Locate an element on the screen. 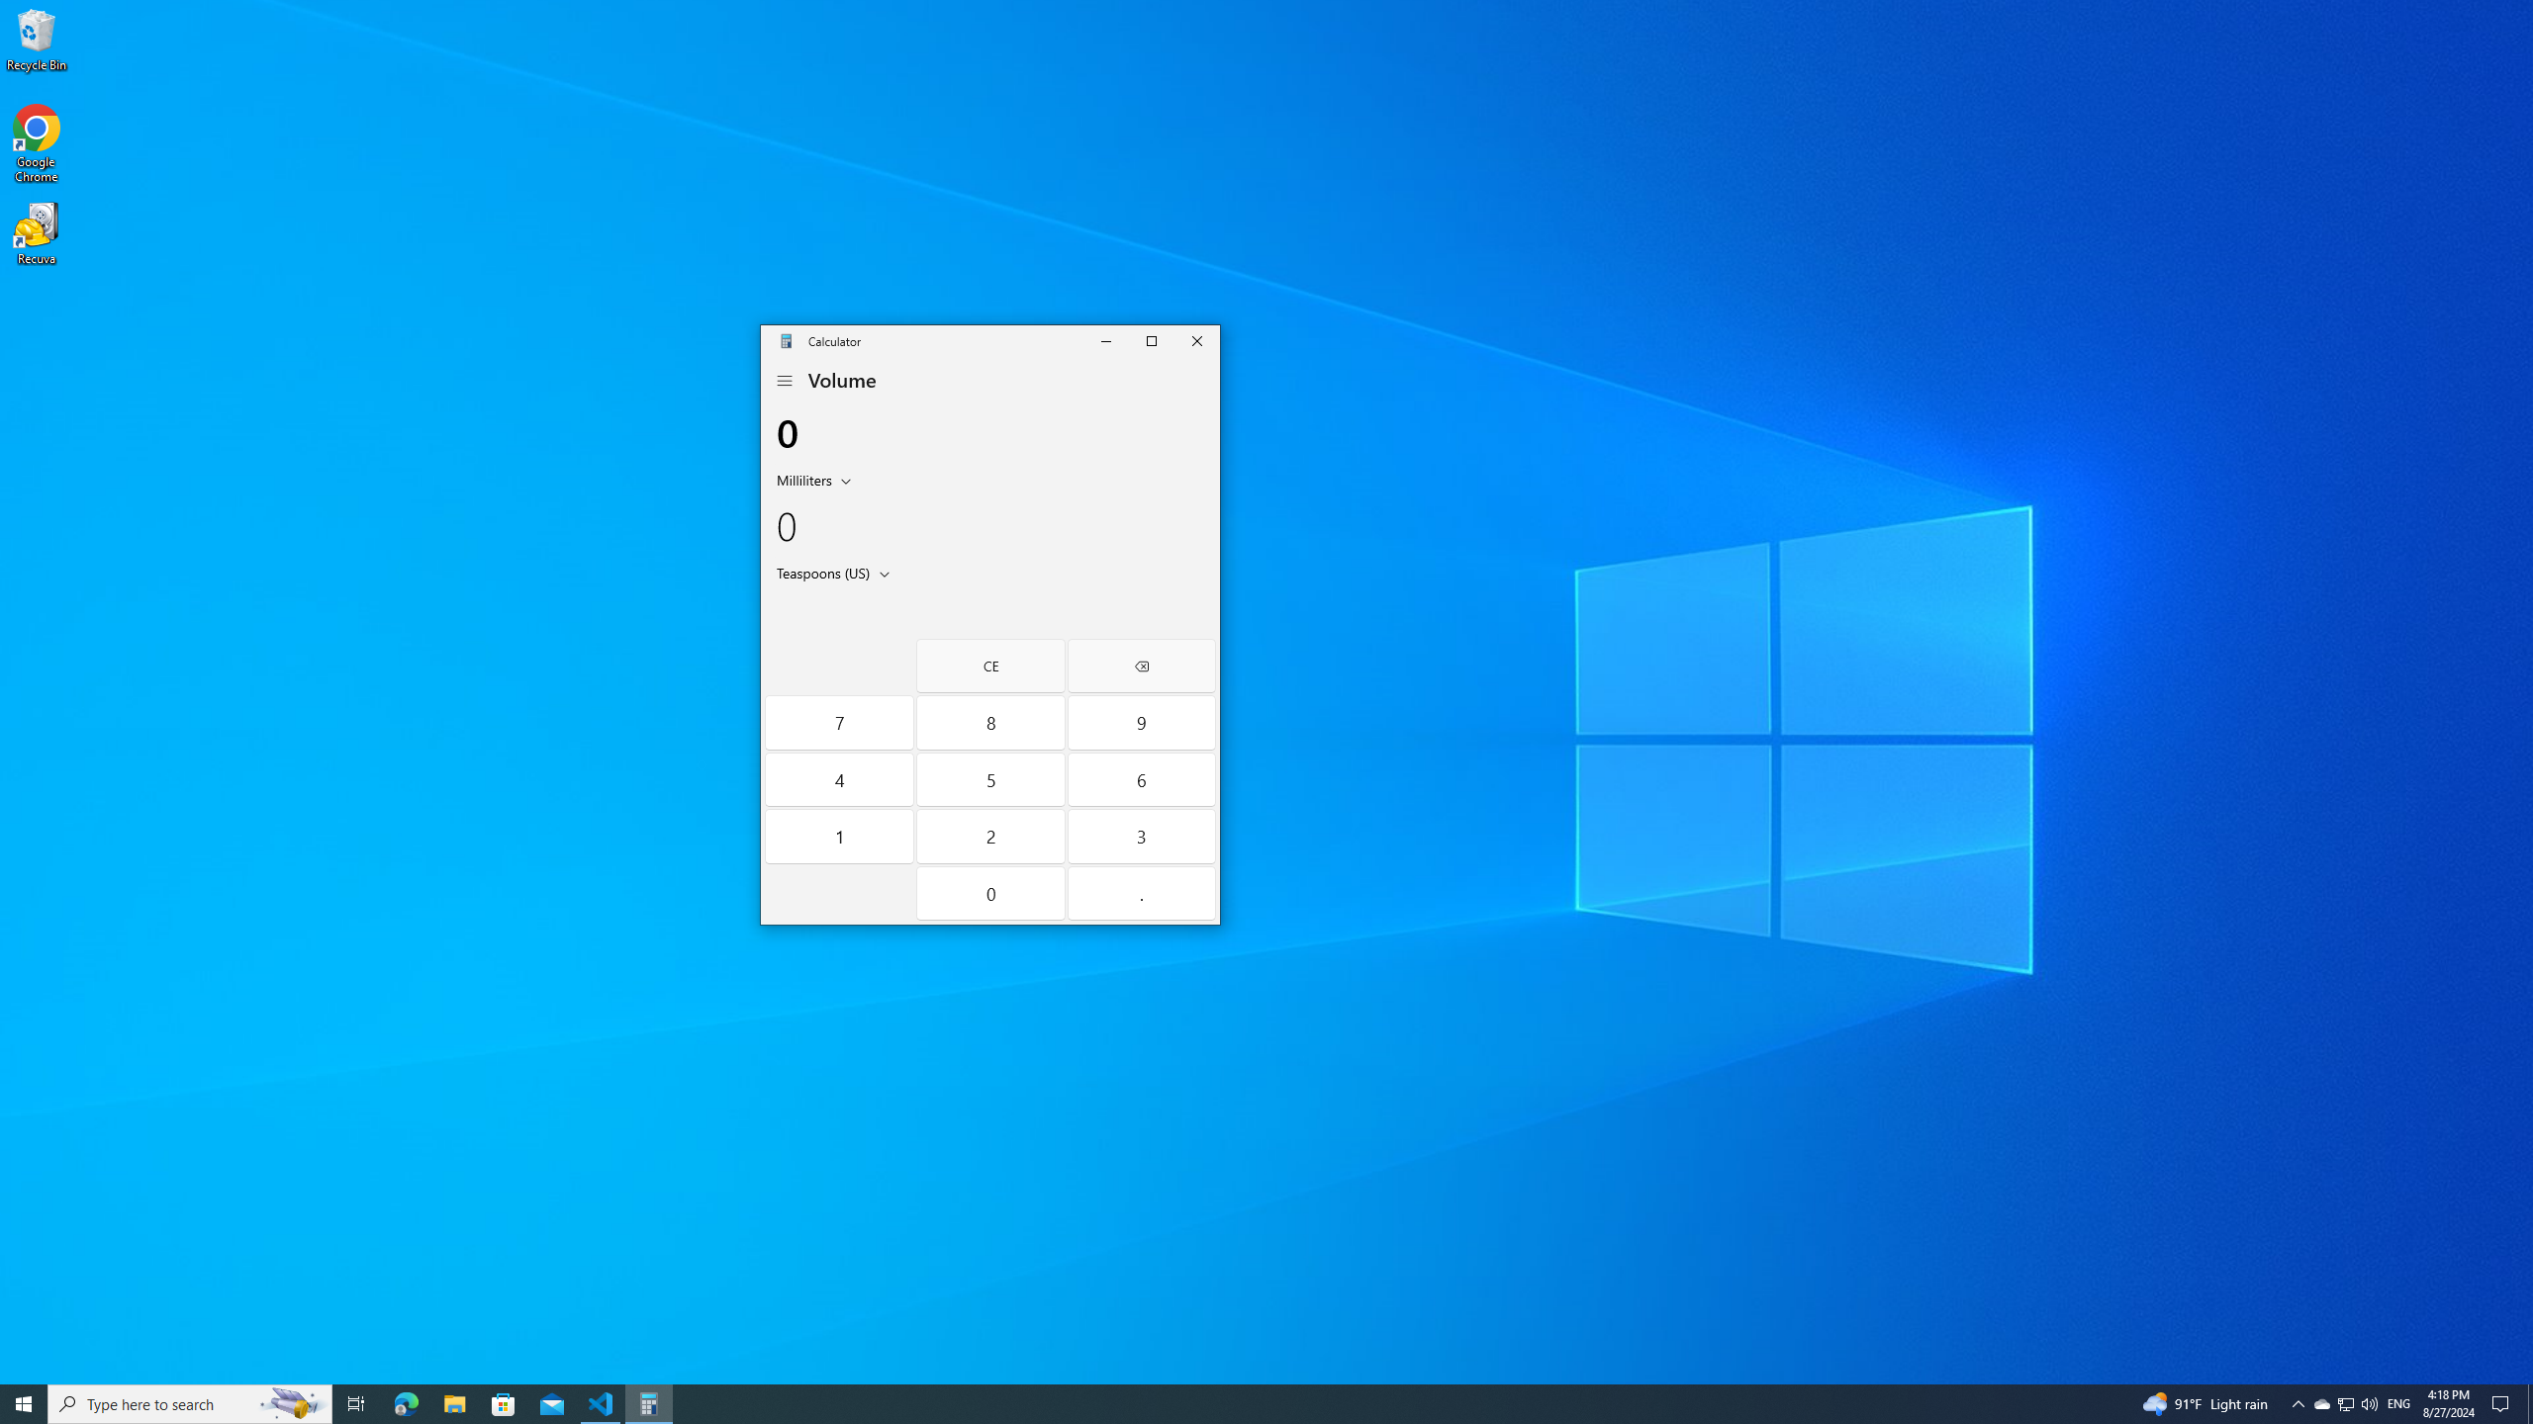 Image resolution: width=2533 pixels, height=1424 pixels. 'Open Navigation' is located at coordinates (784, 380).